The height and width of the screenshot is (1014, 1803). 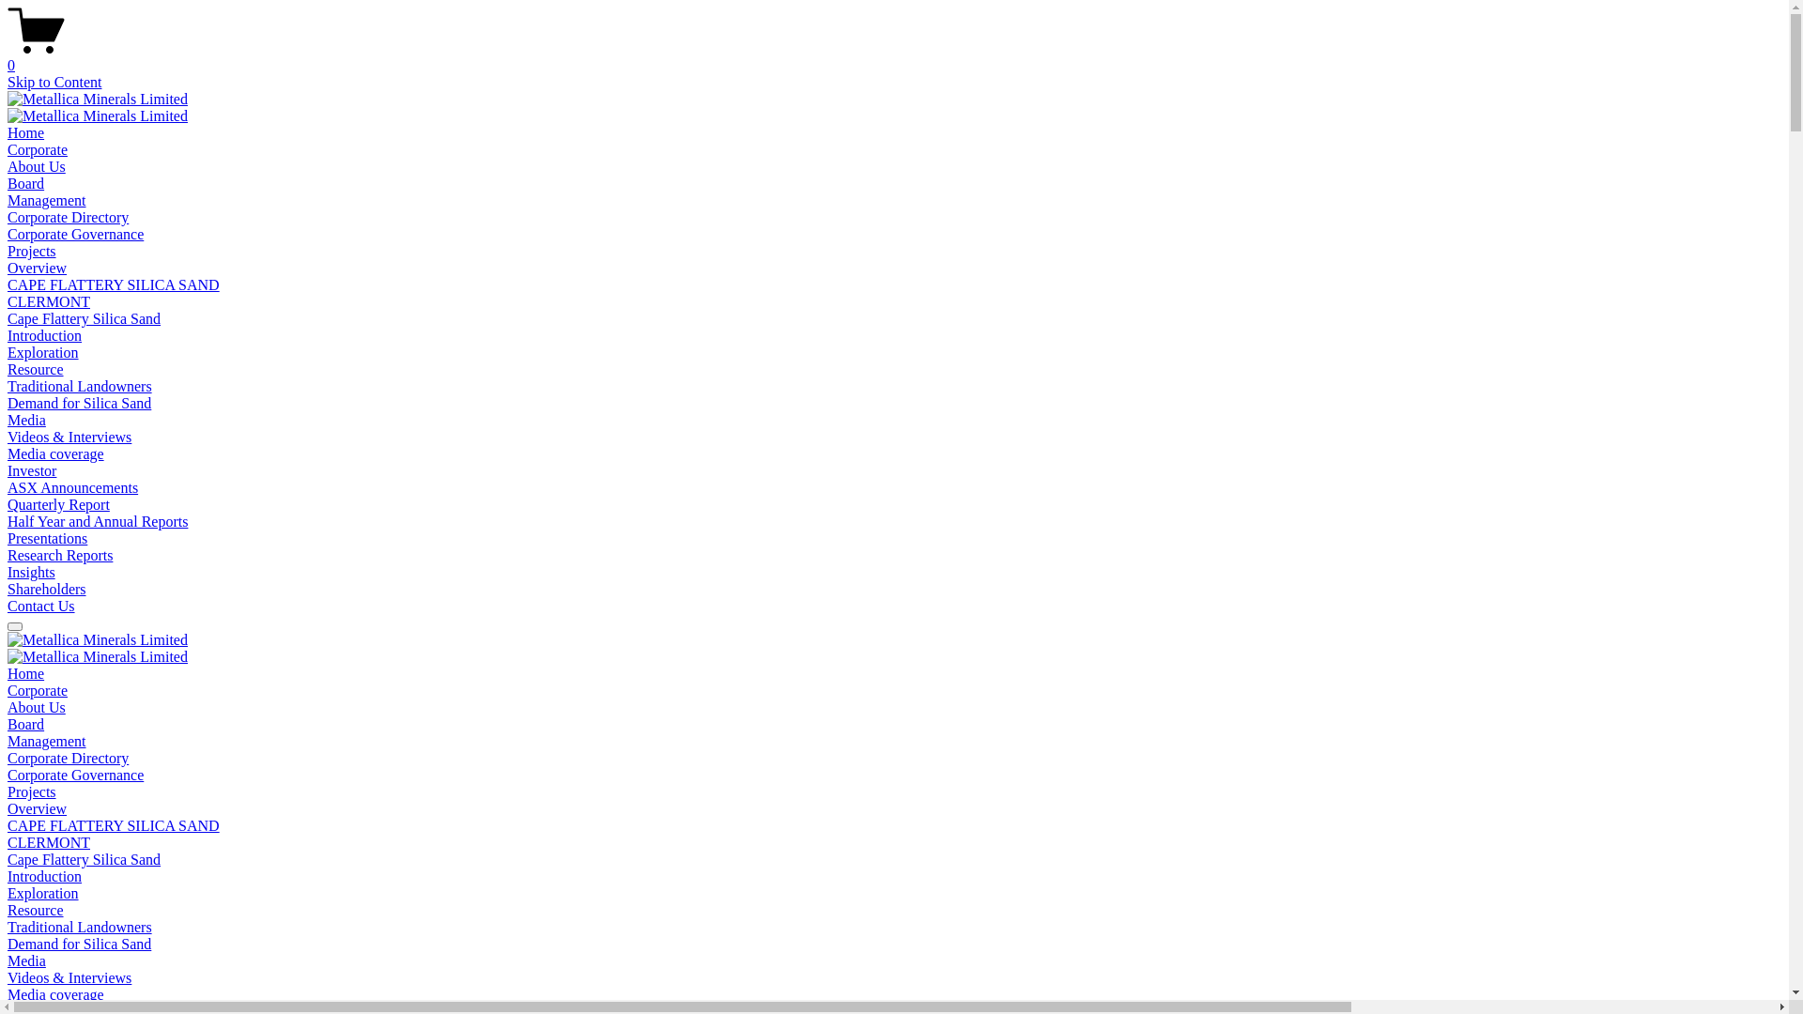 I want to click on 'Introduction', so click(x=44, y=876).